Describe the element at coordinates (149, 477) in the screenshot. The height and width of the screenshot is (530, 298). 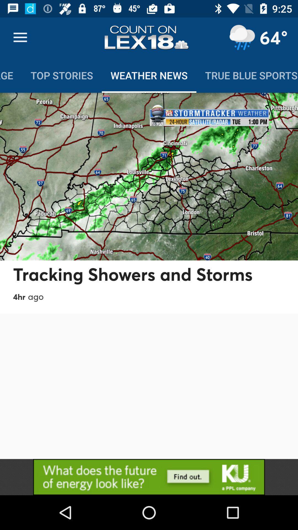
I see `advertisement` at that location.